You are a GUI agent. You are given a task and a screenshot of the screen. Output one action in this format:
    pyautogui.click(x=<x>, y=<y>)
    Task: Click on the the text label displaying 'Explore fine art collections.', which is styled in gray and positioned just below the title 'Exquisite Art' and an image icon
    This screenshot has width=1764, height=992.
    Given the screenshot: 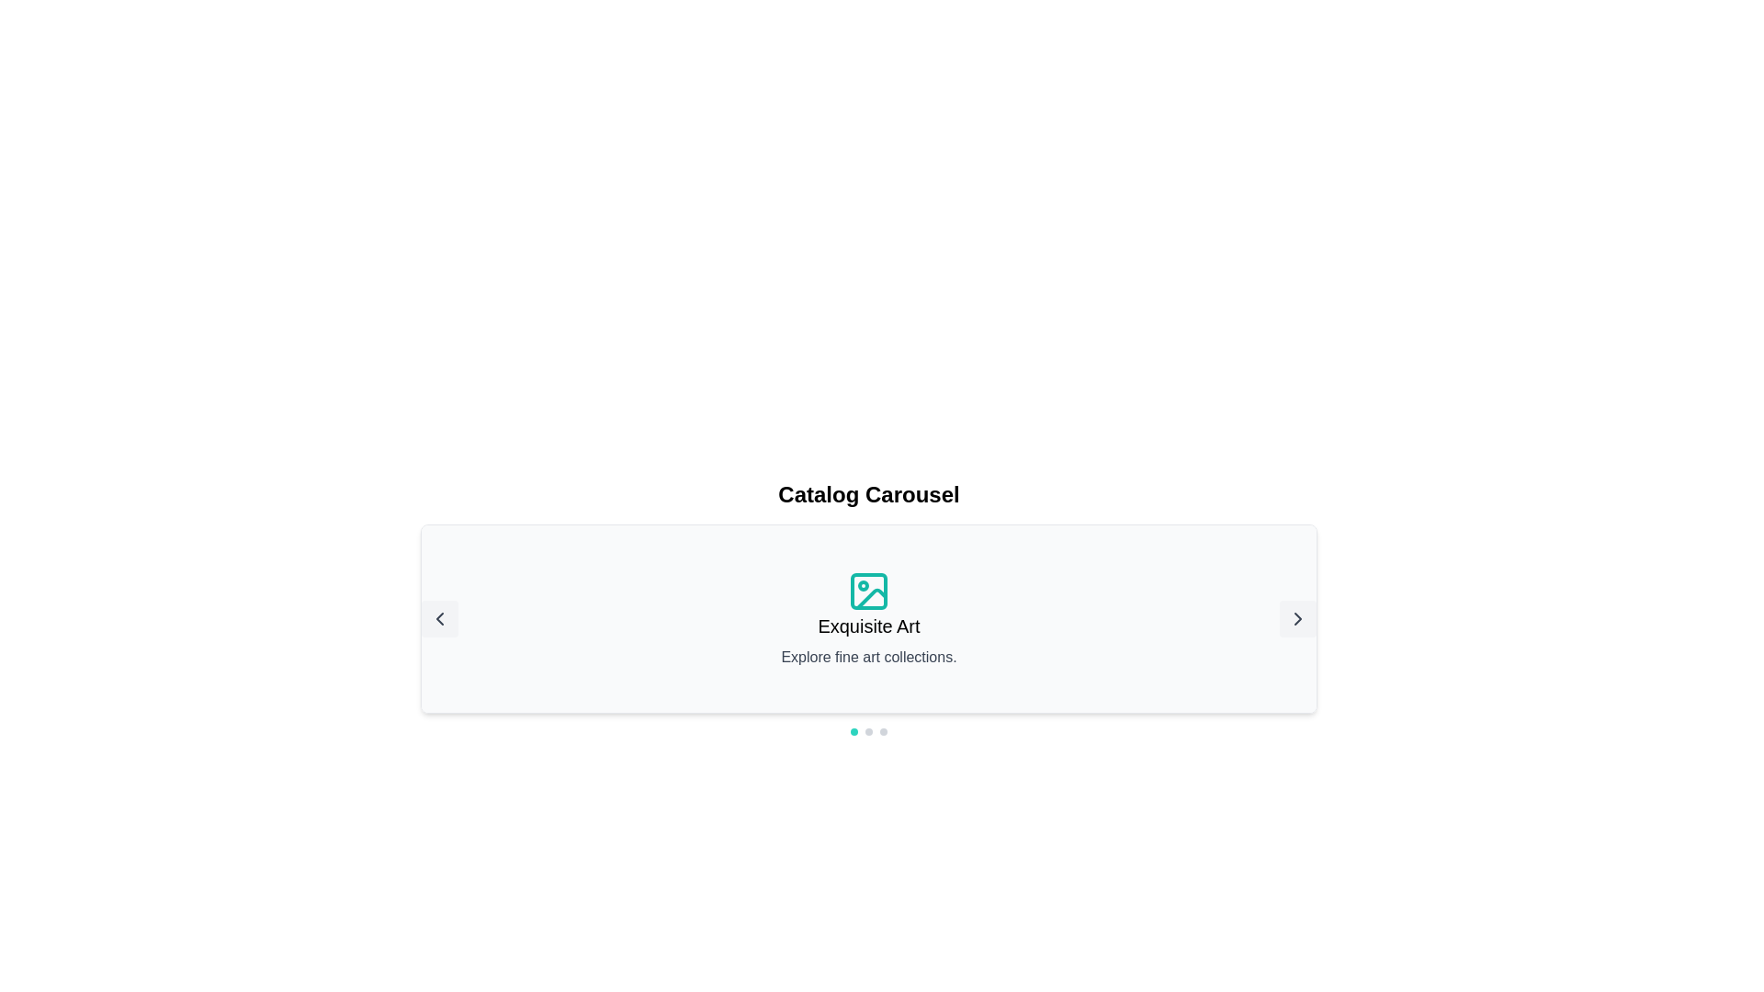 What is the action you would take?
    pyautogui.click(x=867, y=657)
    